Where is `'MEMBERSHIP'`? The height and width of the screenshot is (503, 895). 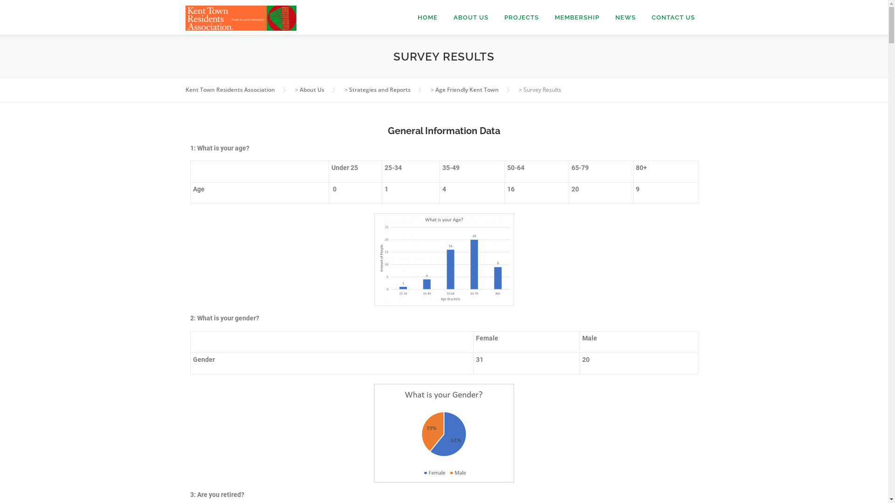
'MEMBERSHIP' is located at coordinates (576, 17).